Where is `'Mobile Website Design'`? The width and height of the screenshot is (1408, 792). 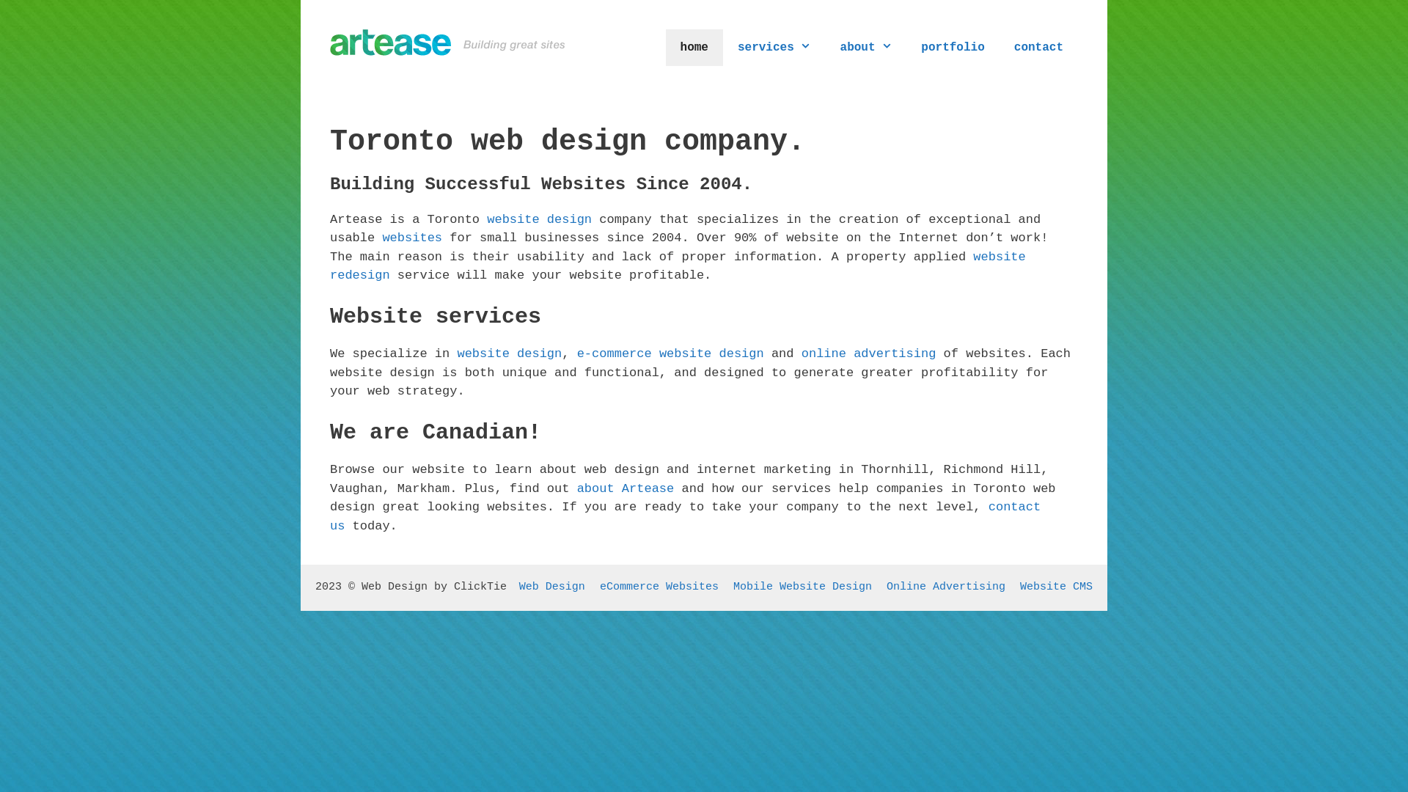 'Mobile Website Design' is located at coordinates (802, 586).